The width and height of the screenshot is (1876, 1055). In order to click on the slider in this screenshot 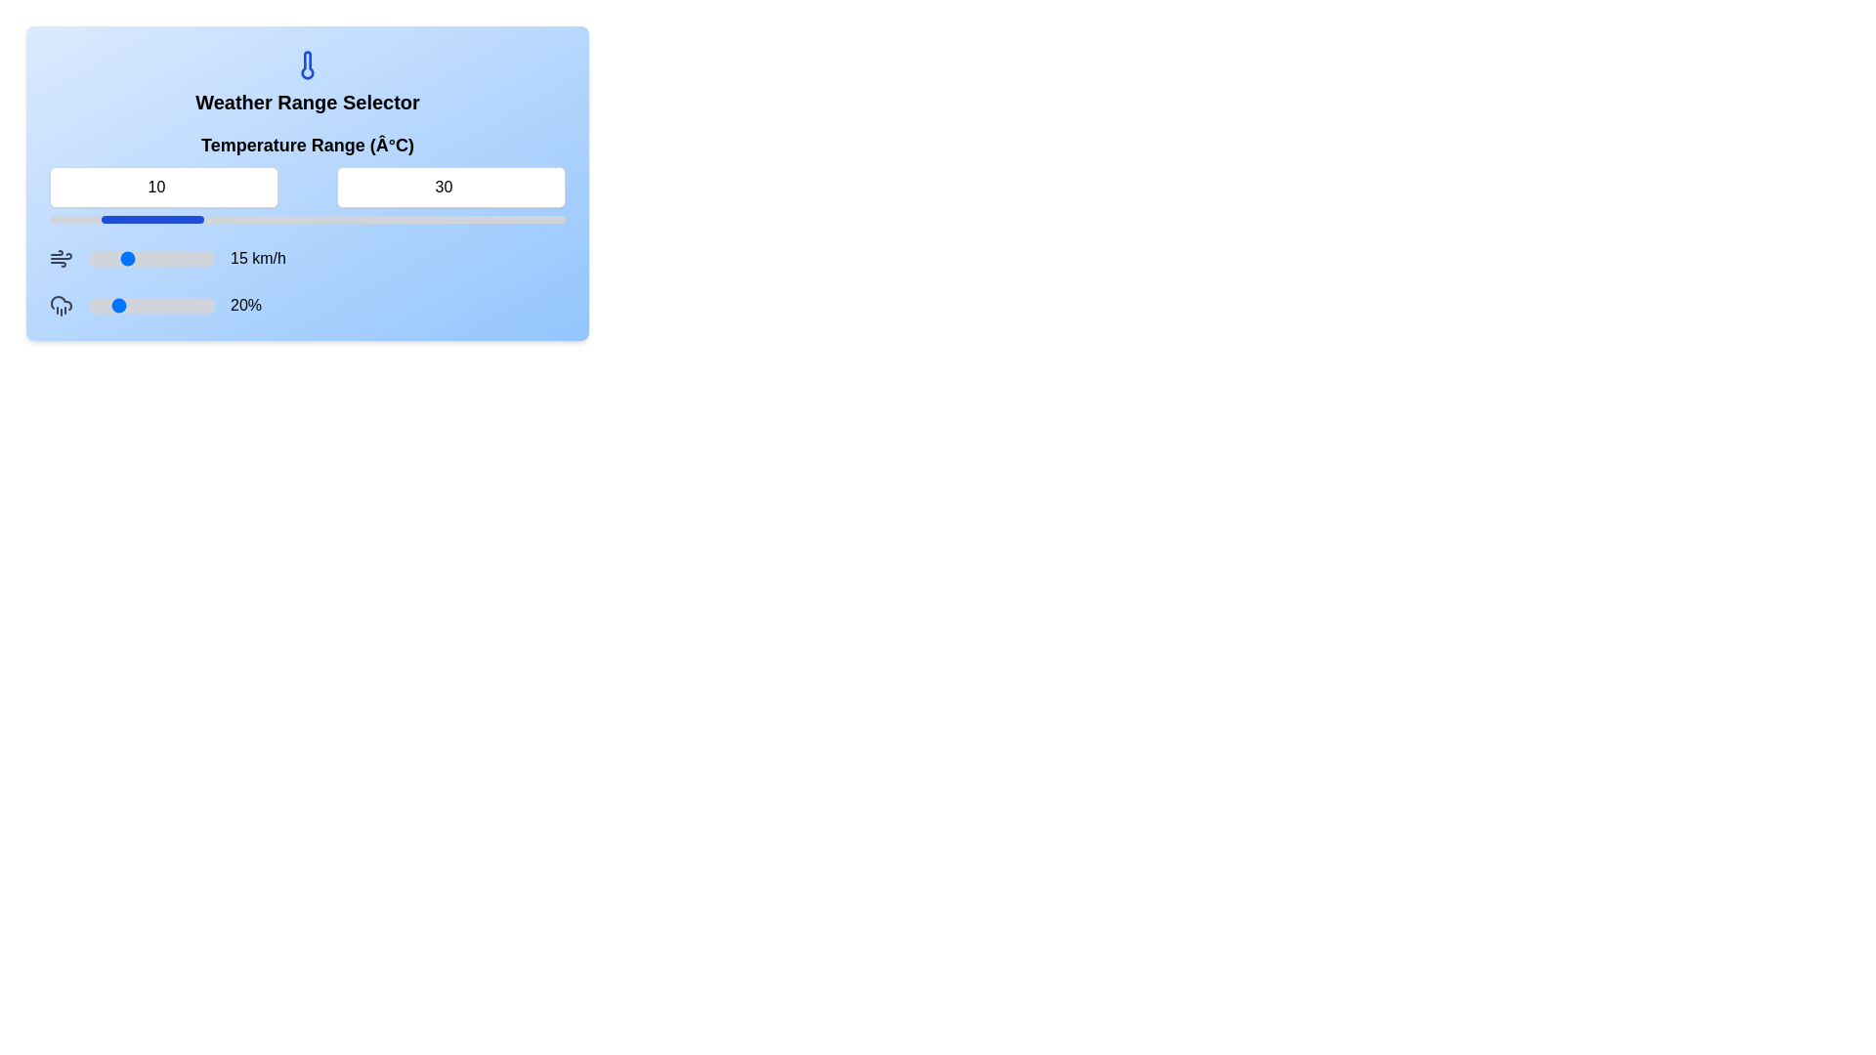, I will do `click(107, 305)`.